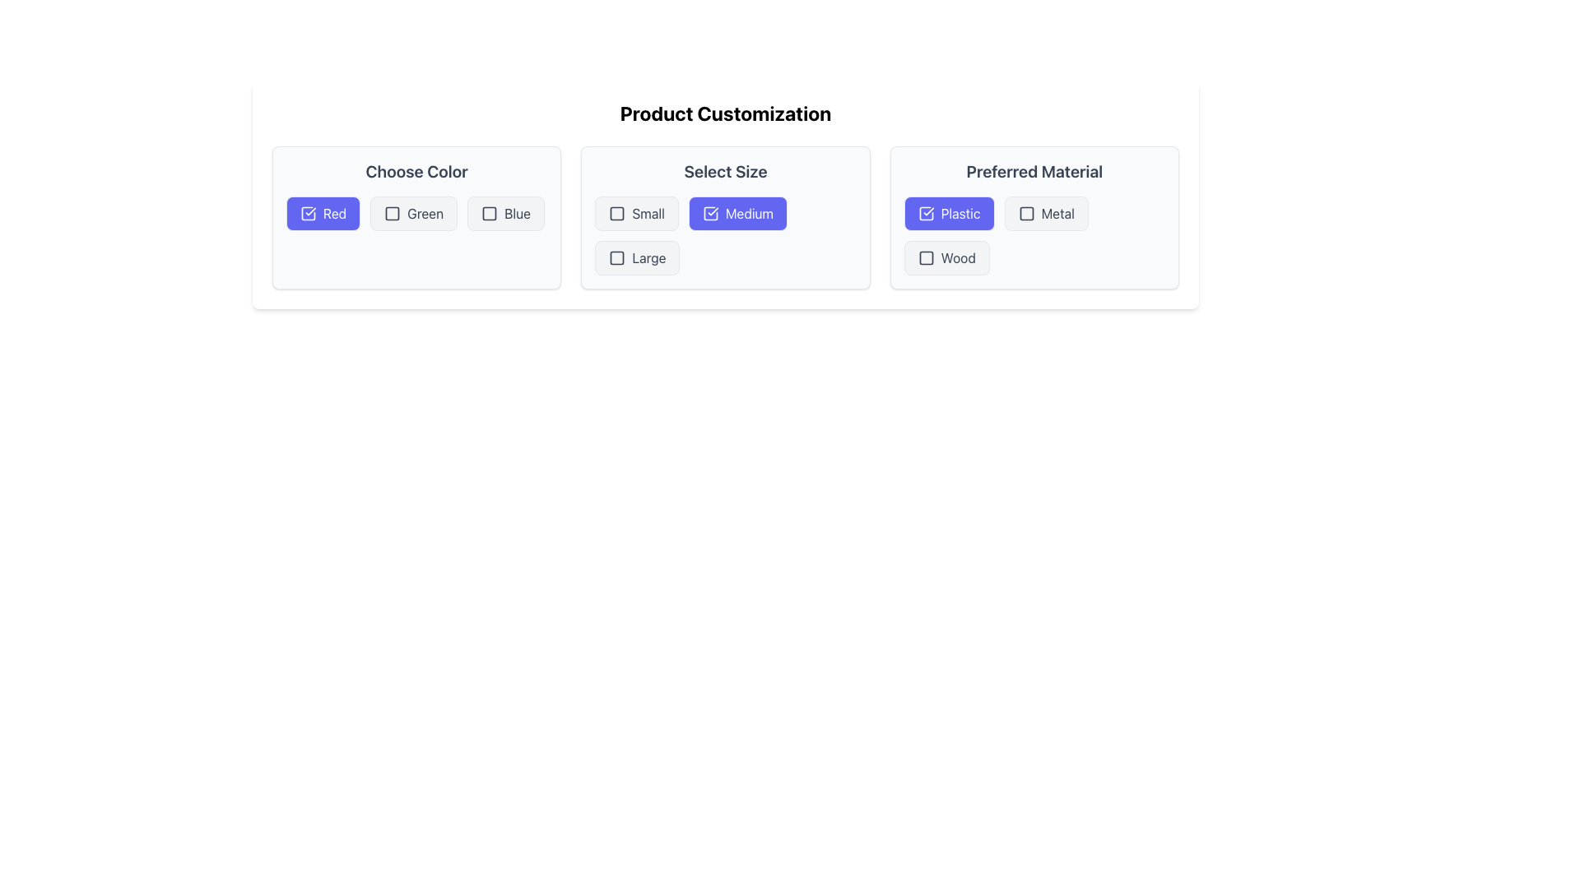 This screenshot has width=1580, height=888. I want to click on the 'Small' size label, which is positioned to the right of the checkbox in the 'Select Size' section, so click(648, 212).